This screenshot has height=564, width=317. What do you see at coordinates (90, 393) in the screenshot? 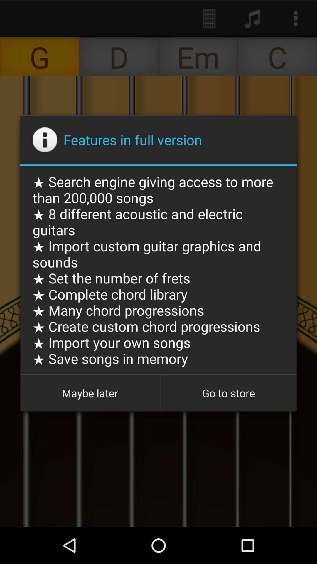
I see `maybe later button` at bounding box center [90, 393].